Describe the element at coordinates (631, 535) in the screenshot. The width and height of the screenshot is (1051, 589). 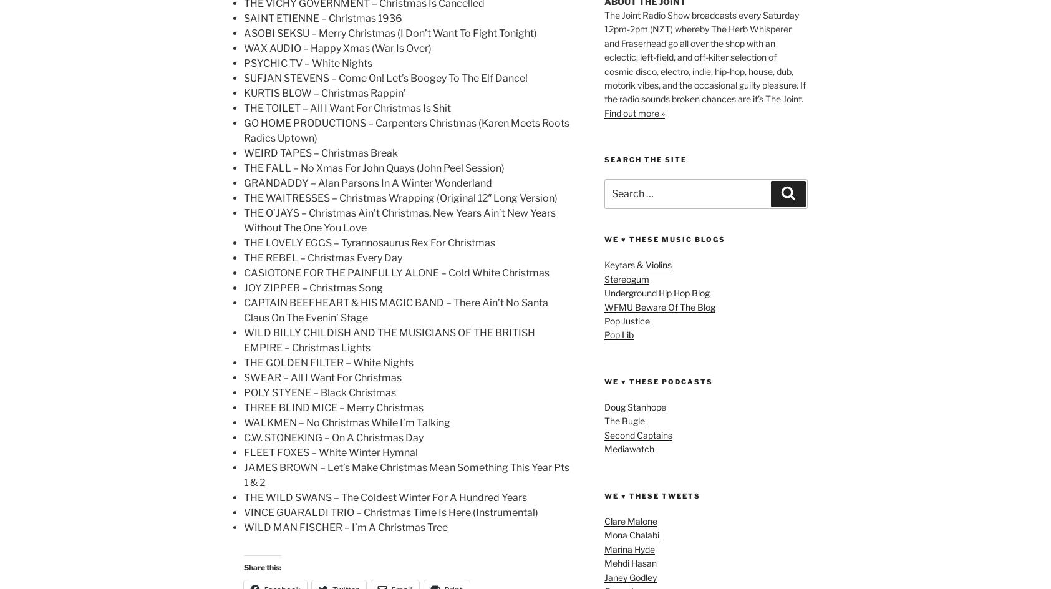
I see `'Mona Chalabi'` at that location.